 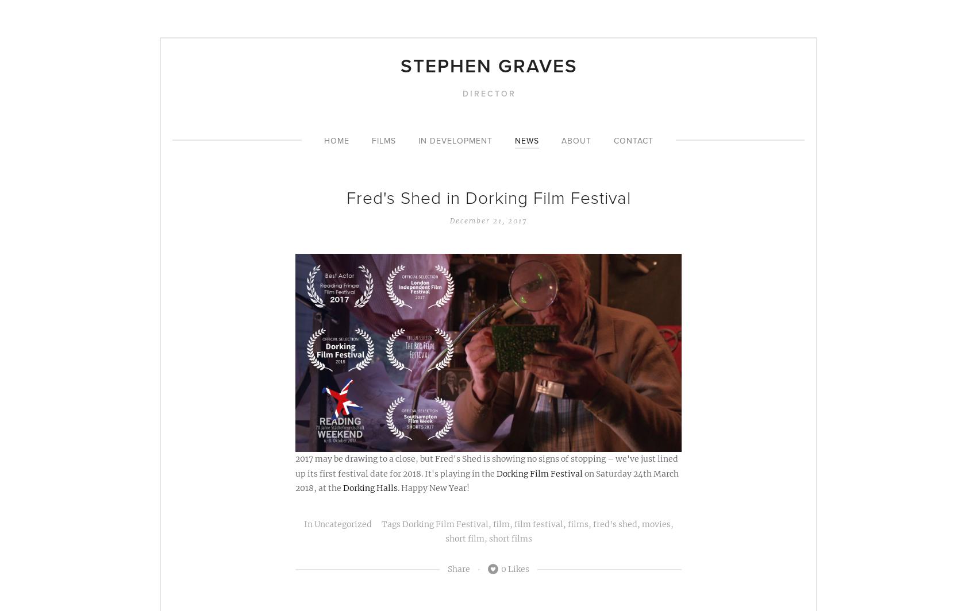 I want to click on 'Films', so click(x=383, y=141).